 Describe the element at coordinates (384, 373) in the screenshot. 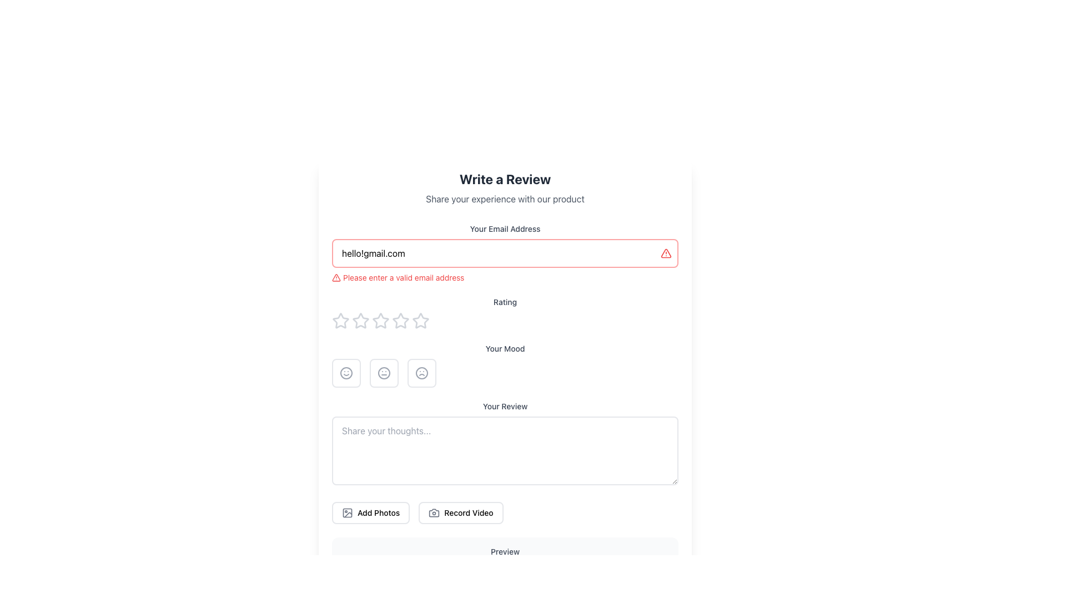

I see `keyboard navigation` at that location.